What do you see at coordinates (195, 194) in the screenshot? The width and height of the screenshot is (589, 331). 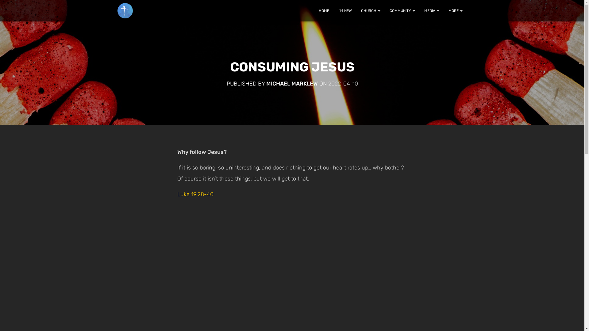 I see `'Luke 19:28-40'` at bounding box center [195, 194].